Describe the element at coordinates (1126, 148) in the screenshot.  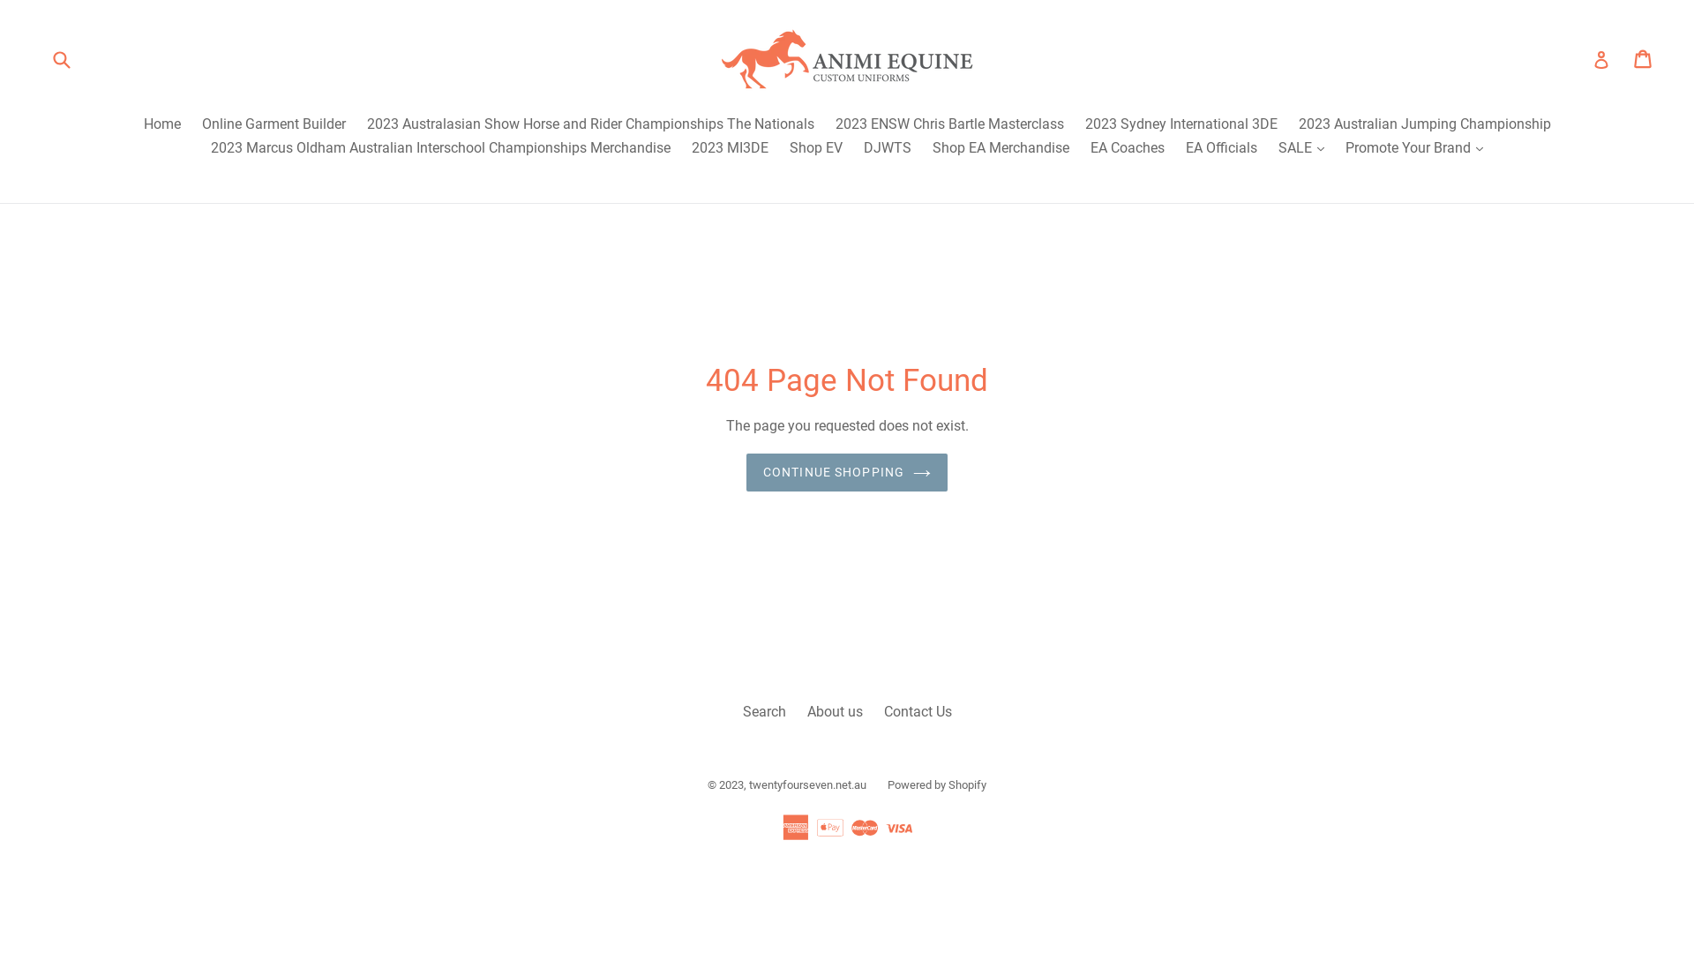
I see `'EA Coaches'` at that location.